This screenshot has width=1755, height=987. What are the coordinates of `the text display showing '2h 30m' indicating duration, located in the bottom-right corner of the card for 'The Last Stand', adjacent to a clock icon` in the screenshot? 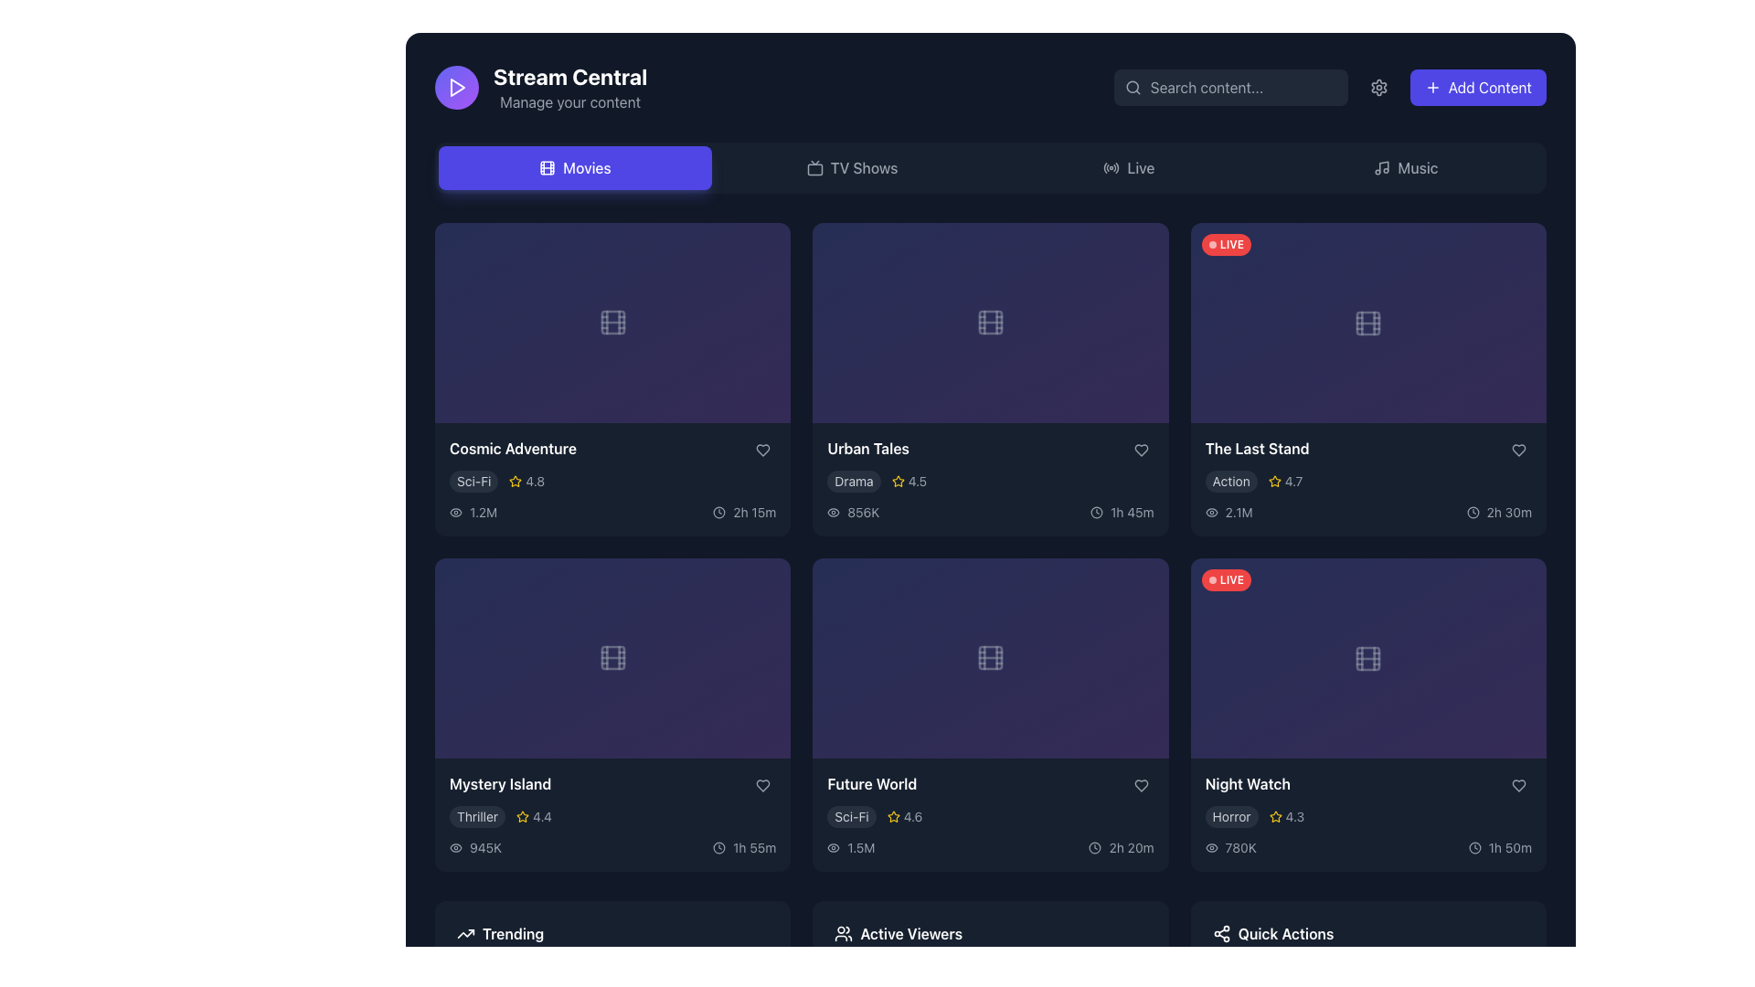 It's located at (1509, 512).